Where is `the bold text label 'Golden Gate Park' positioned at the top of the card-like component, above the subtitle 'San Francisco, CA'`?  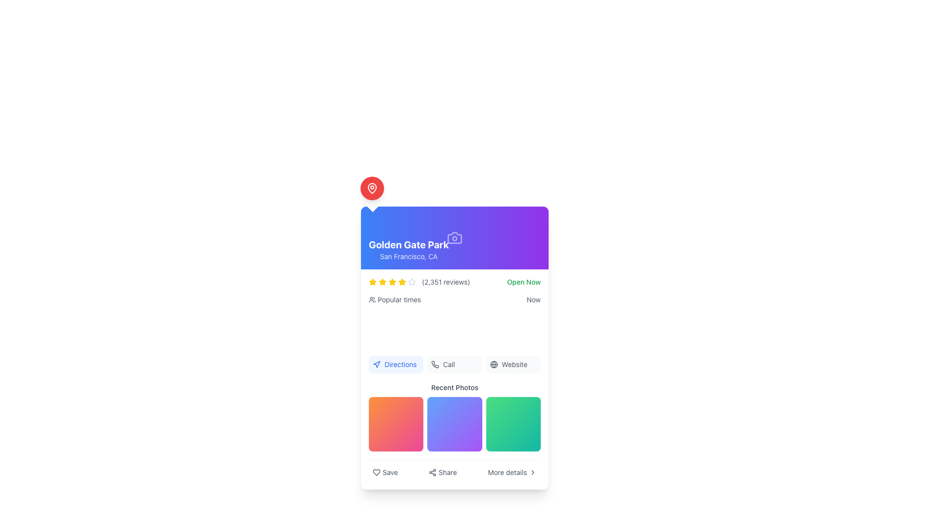
the bold text label 'Golden Gate Park' positioned at the top of the card-like component, above the subtitle 'San Francisco, CA' is located at coordinates (409, 244).